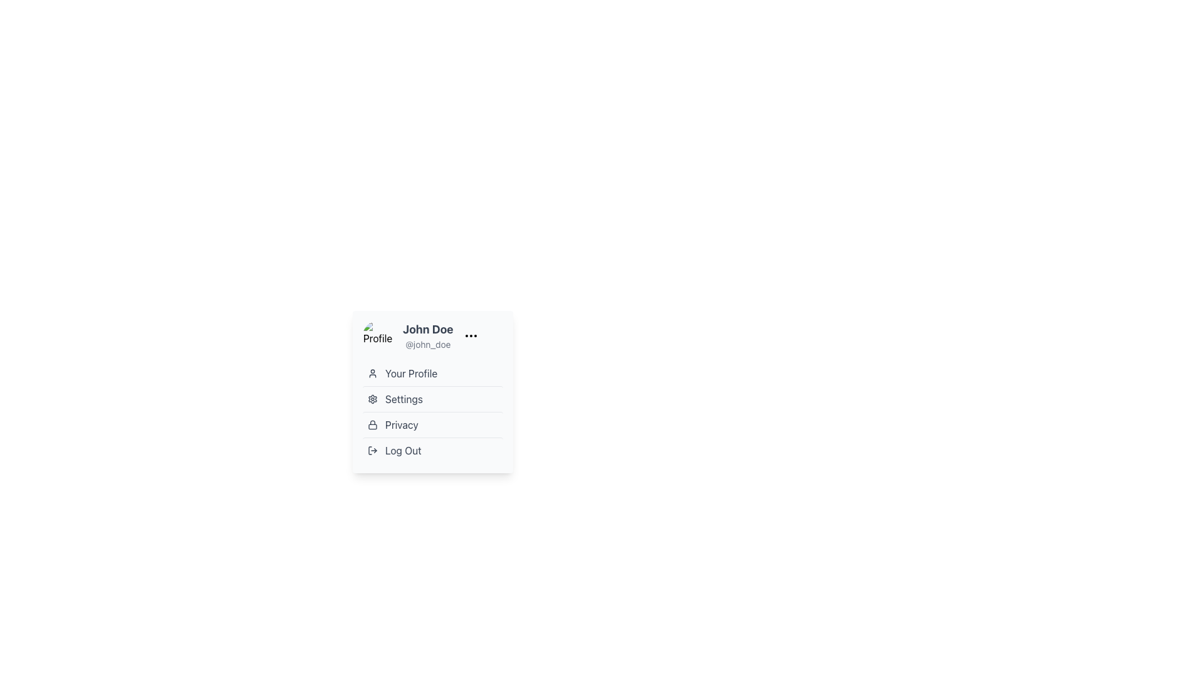  Describe the element at coordinates (369, 449) in the screenshot. I see `the rounded graphic` at that location.